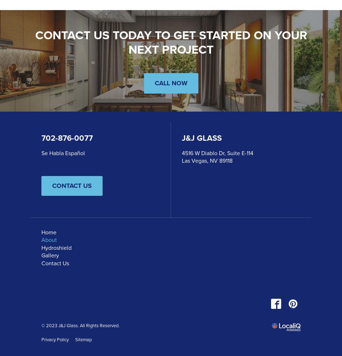  Describe the element at coordinates (80, 325) in the screenshot. I see `'© 2023 J&J Glass. All Rights Reserved.'` at that location.